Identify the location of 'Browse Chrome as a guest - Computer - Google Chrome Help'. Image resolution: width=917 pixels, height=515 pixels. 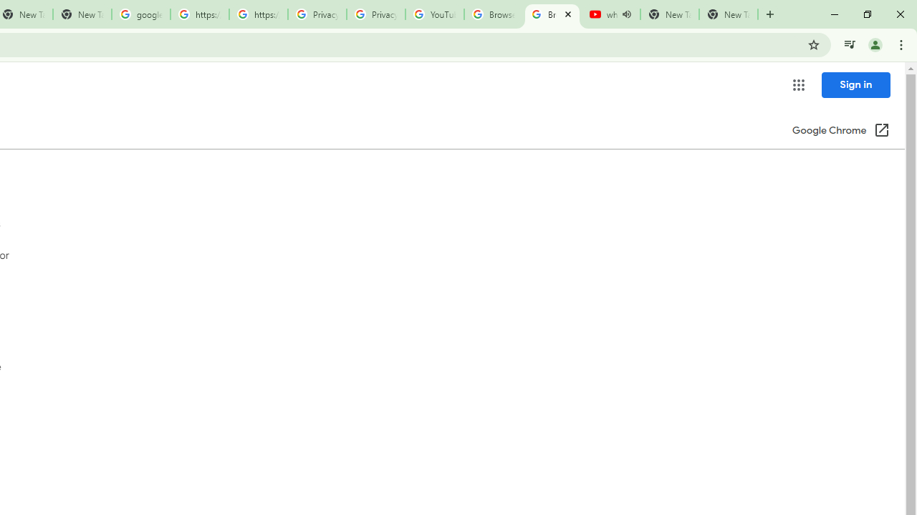
(493, 14).